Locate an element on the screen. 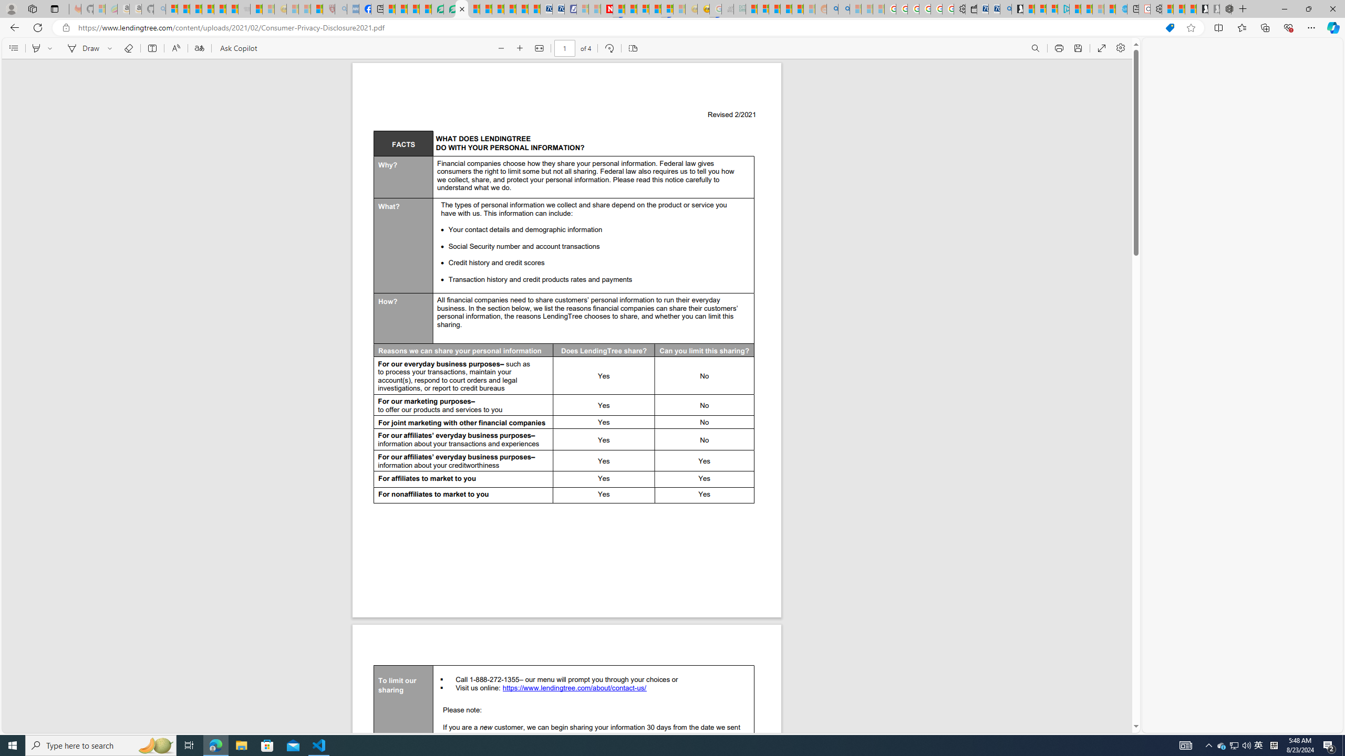 This screenshot has height=756, width=1345. 'Fit to width (Ctrl+\)' is located at coordinates (538, 48).